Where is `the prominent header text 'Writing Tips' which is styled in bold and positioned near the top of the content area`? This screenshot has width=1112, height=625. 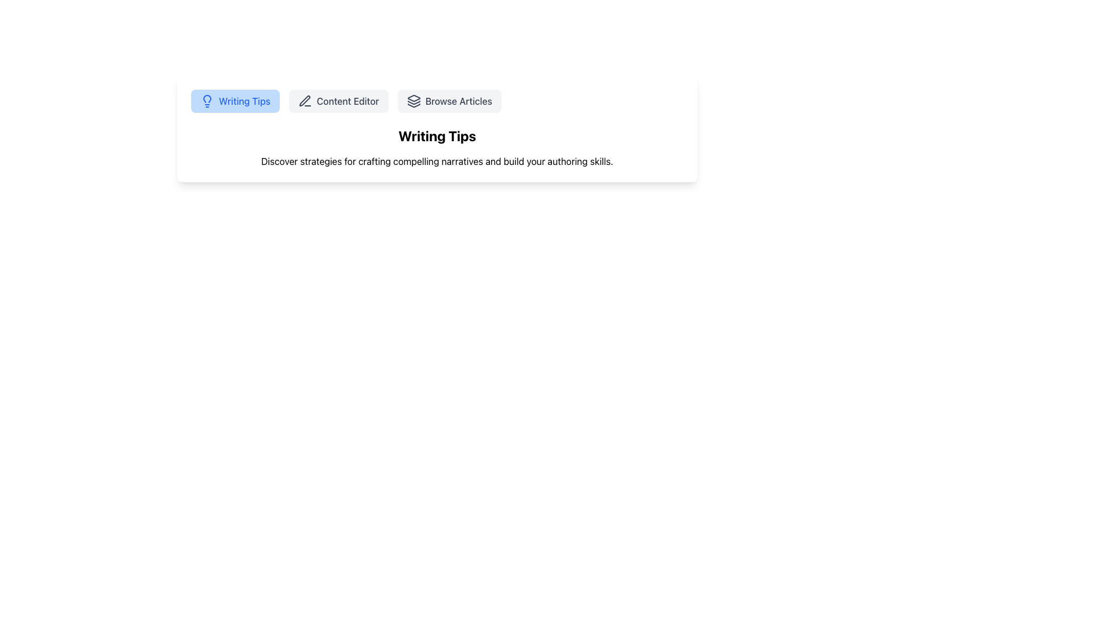
the prominent header text 'Writing Tips' which is styled in bold and positioned near the top of the content area is located at coordinates (436, 135).